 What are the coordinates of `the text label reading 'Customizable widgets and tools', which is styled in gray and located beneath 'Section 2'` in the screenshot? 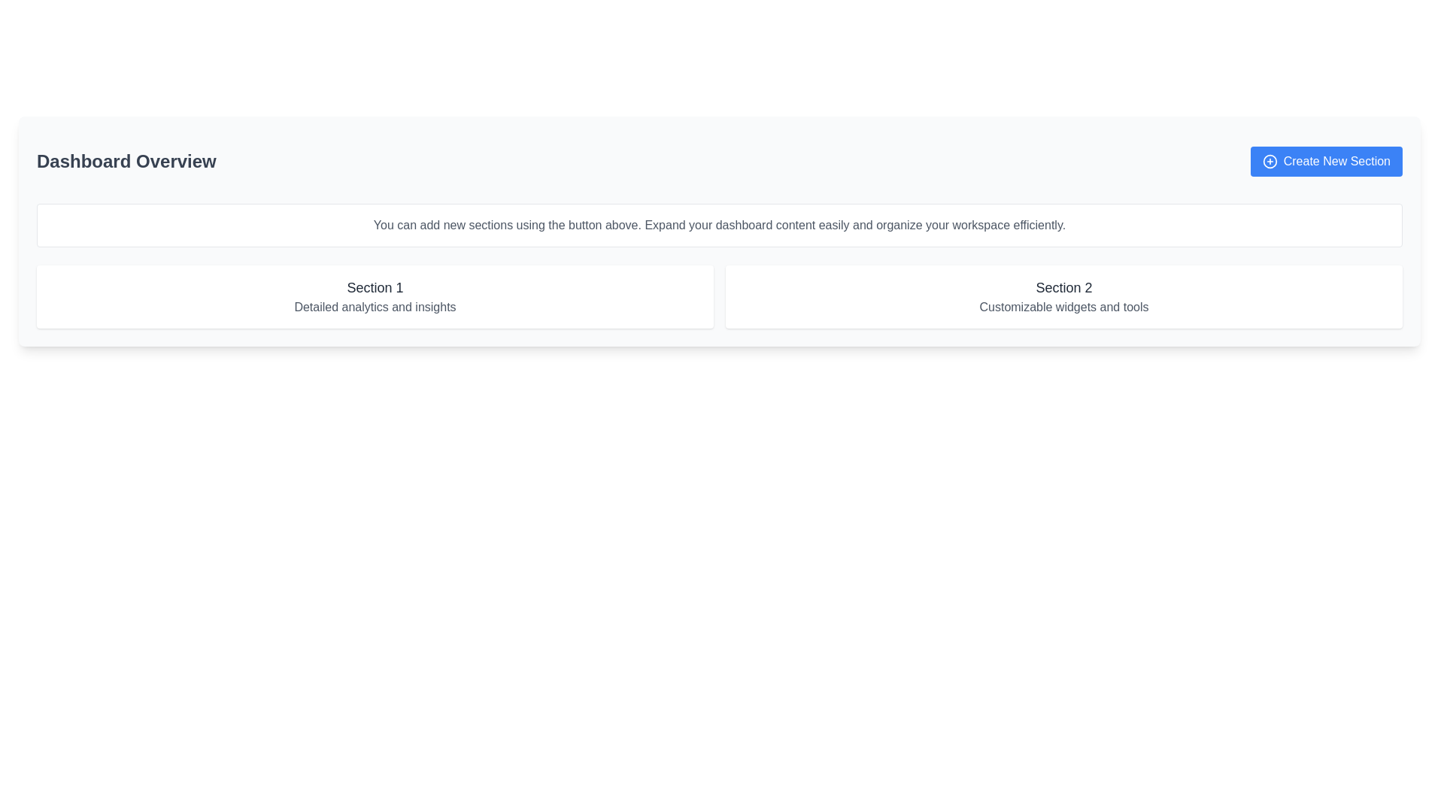 It's located at (1063, 306).